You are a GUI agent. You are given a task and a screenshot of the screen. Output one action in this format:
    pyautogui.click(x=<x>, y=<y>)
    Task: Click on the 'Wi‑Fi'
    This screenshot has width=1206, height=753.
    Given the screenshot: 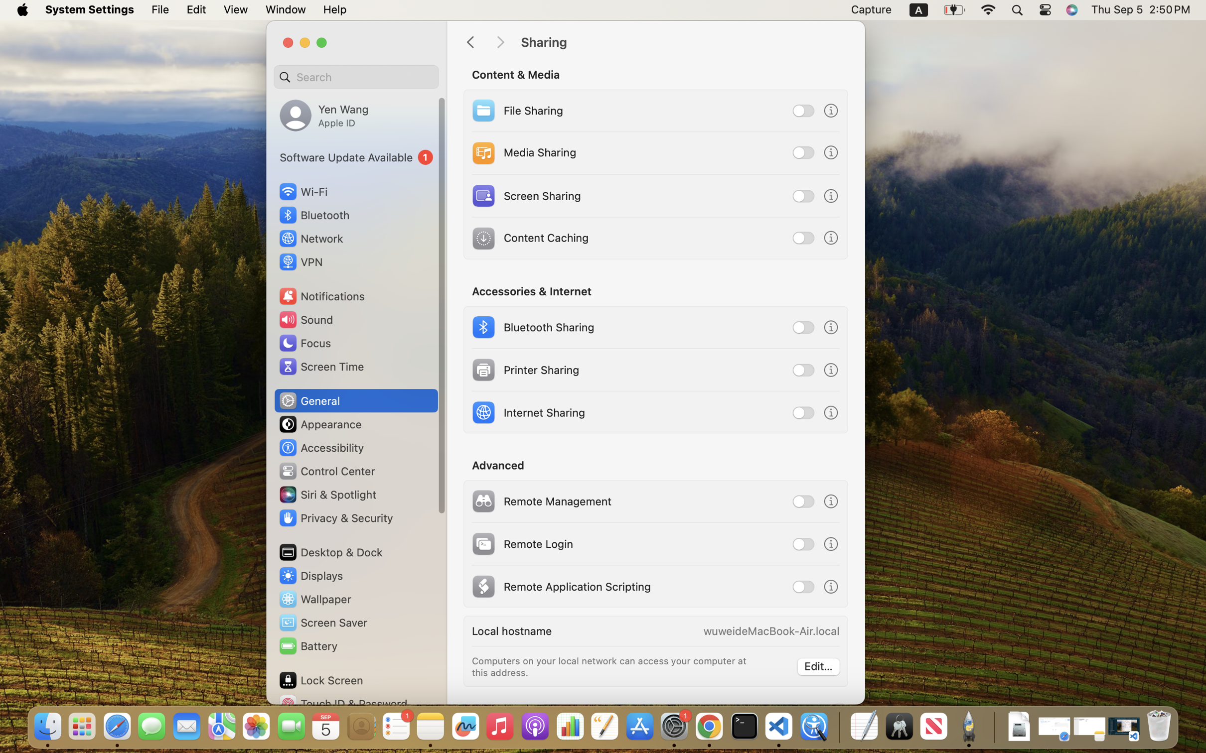 What is the action you would take?
    pyautogui.click(x=302, y=191)
    